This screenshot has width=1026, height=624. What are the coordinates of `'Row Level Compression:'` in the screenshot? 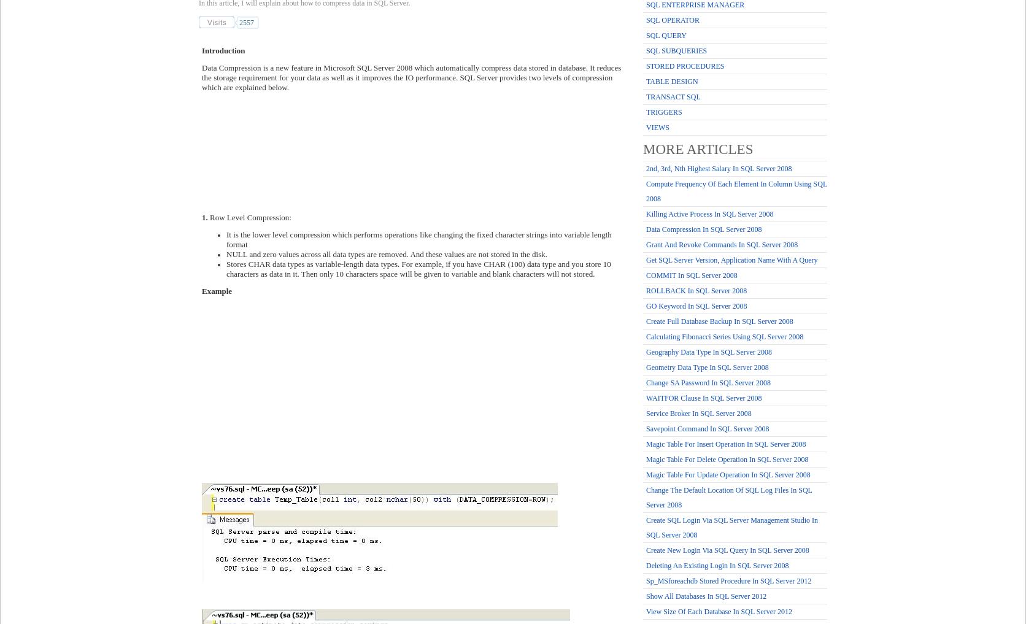 It's located at (248, 217).